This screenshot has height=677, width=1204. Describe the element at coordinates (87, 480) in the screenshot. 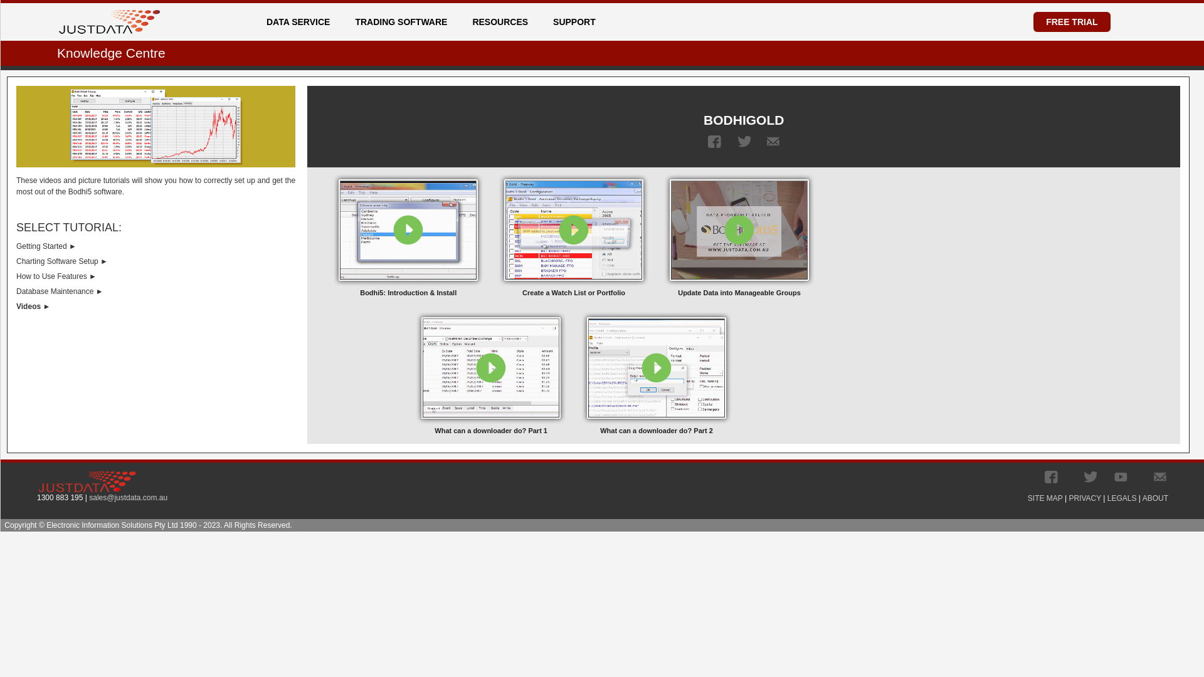

I see `'Electronic Information Solutions Pty Ltd trading as JustData'` at that location.